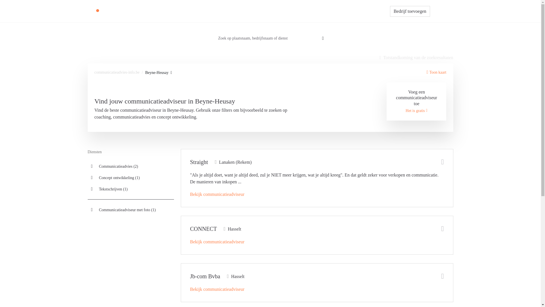 The image size is (545, 307). Describe the element at coordinates (301, 11) in the screenshot. I see `'Vraagbaak'` at that location.